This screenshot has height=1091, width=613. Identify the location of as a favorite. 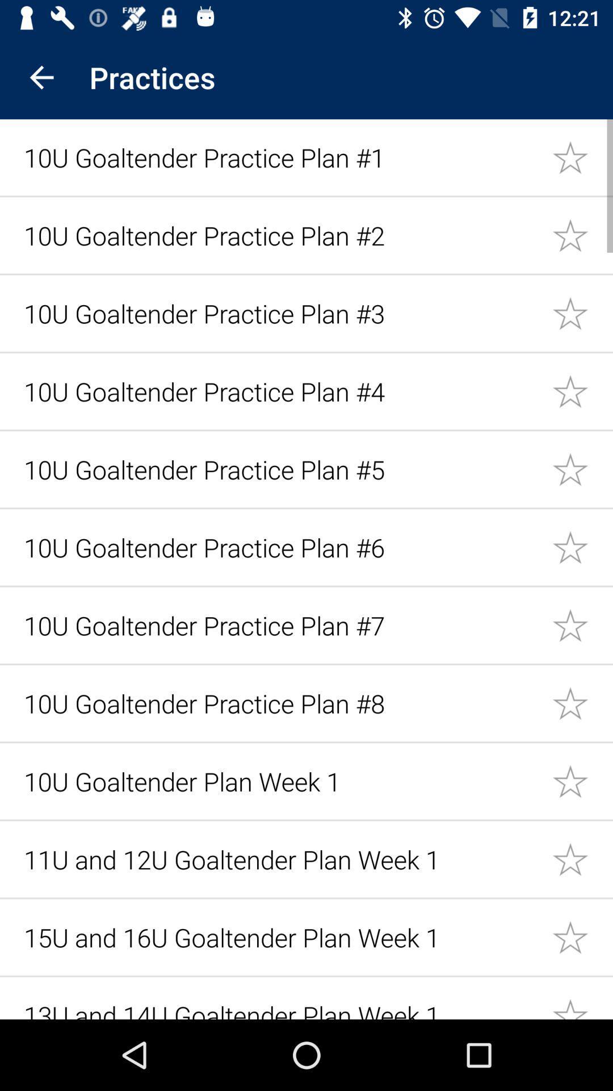
(582, 391).